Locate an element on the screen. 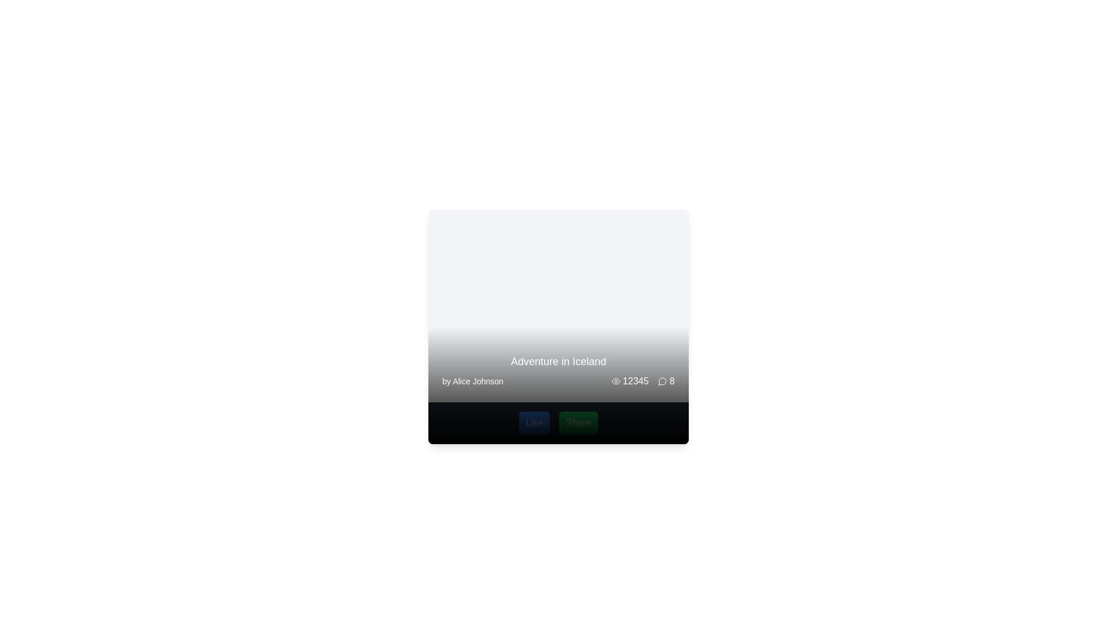  the 'Share' button located to the right of the 'Like' button at the bottom center of the interface, within a dark gray background area is located at coordinates (578, 423).